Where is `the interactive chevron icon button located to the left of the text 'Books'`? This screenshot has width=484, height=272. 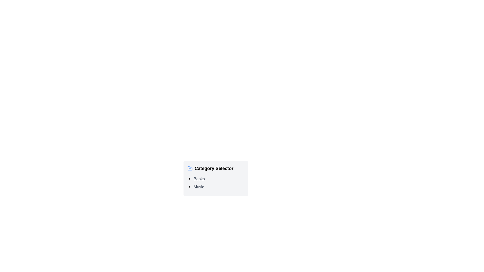
the interactive chevron icon button located to the left of the text 'Books' is located at coordinates (189, 179).